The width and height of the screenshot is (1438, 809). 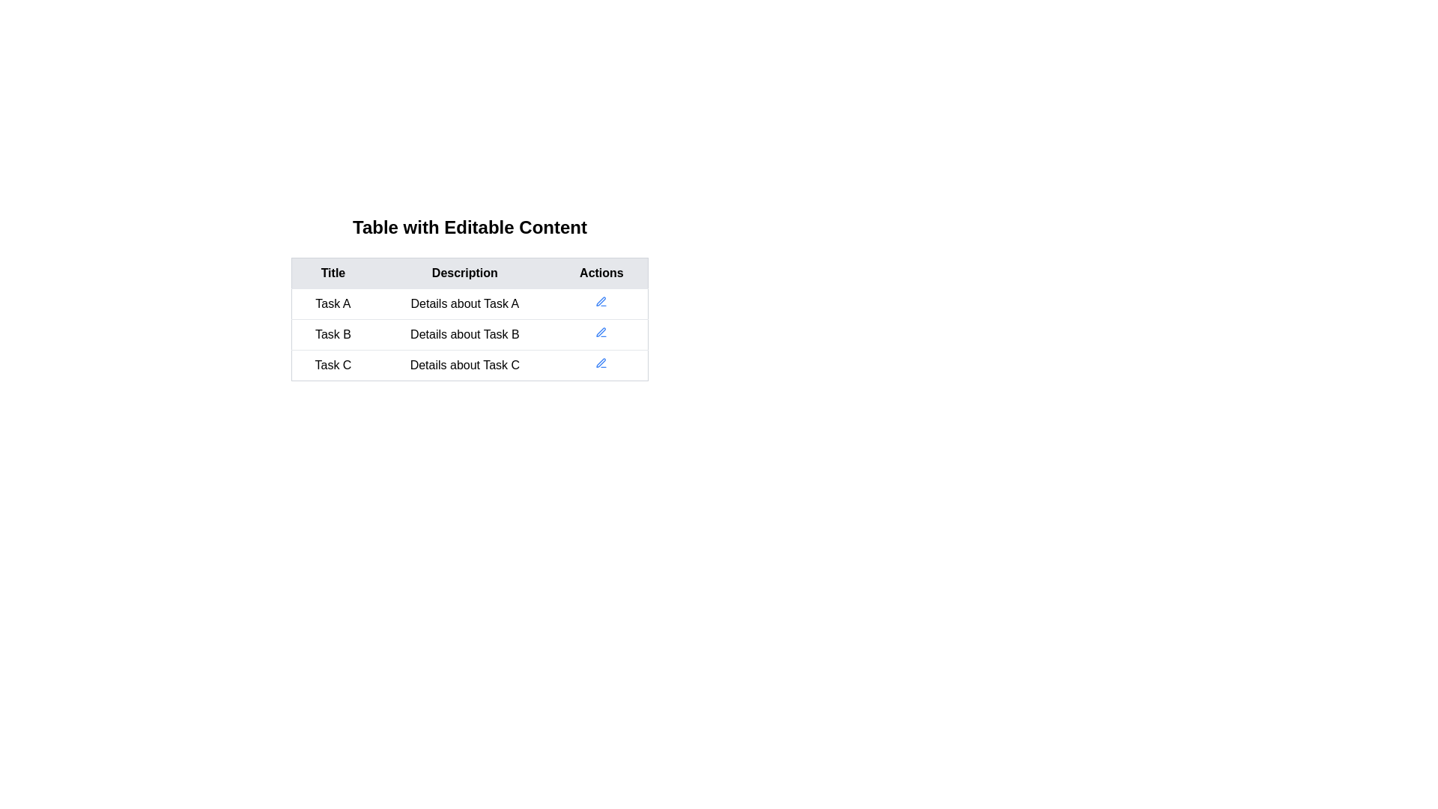 What do you see at coordinates (601, 331) in the screenshot?
I see `the pen-shaped edit icon located in the third column of the second row of the 'Table with Editable Content', adjacent to 'Details about Task B'` at bounding box center [601, 331].